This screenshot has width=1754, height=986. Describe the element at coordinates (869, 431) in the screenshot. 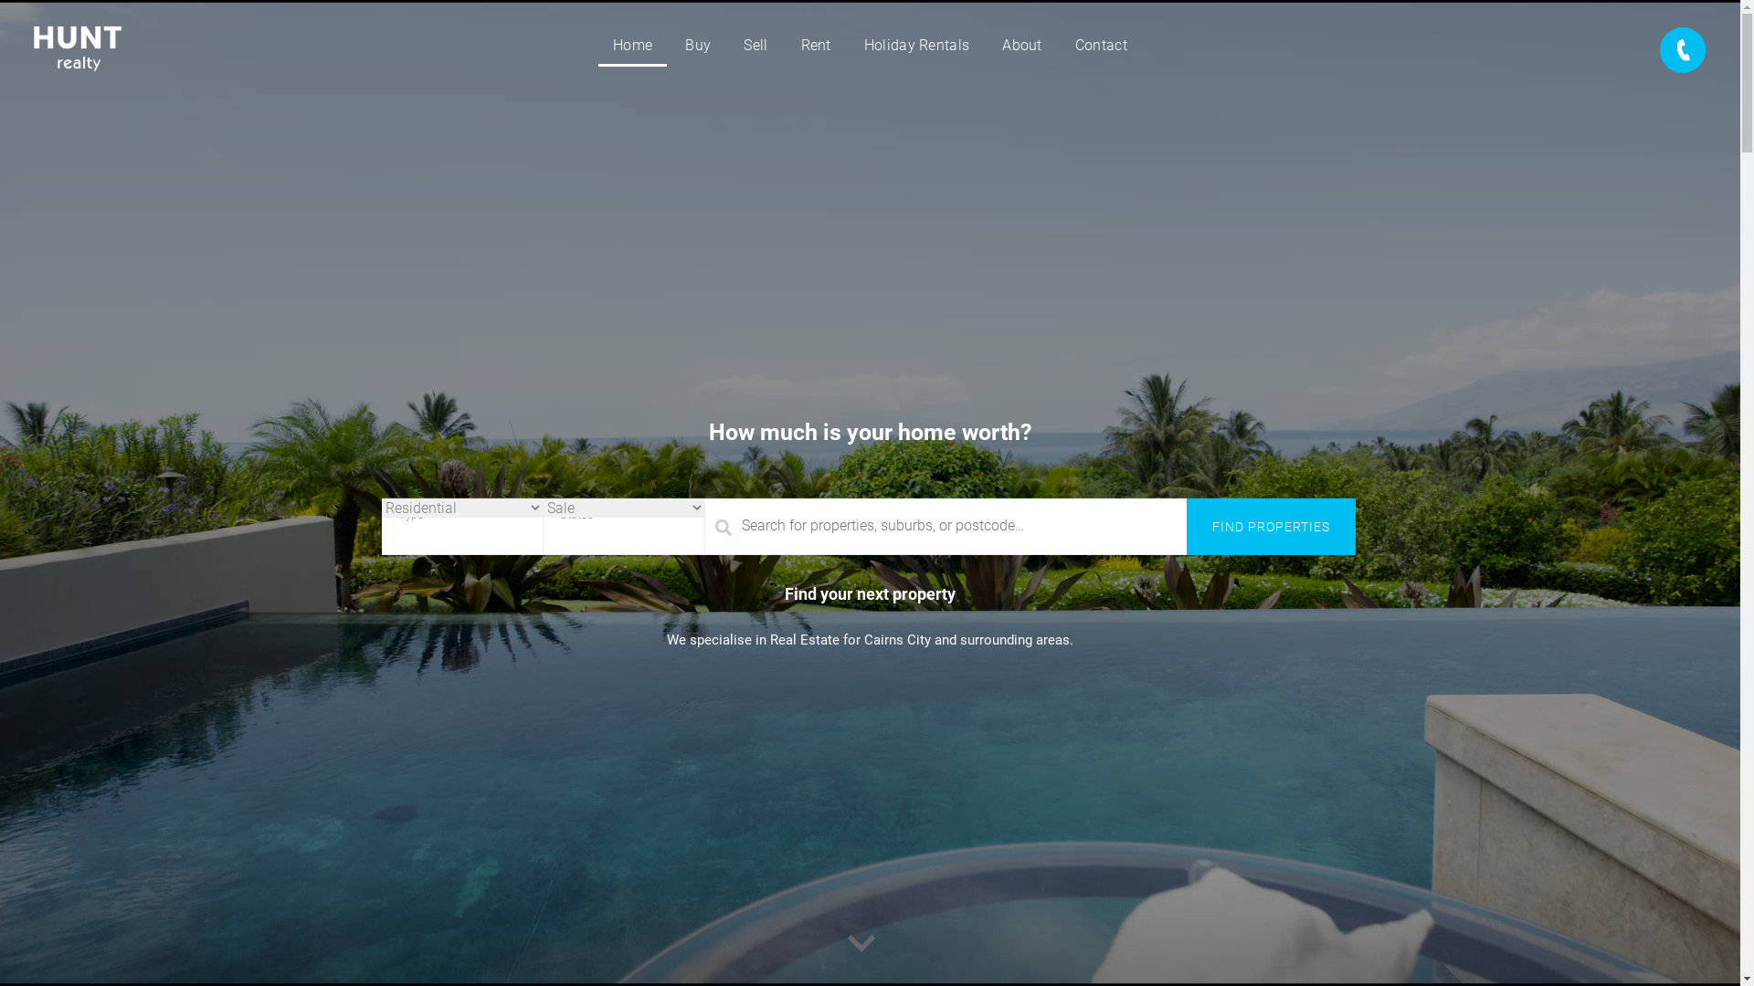

I see `'How much is your home worth?'` at that location.